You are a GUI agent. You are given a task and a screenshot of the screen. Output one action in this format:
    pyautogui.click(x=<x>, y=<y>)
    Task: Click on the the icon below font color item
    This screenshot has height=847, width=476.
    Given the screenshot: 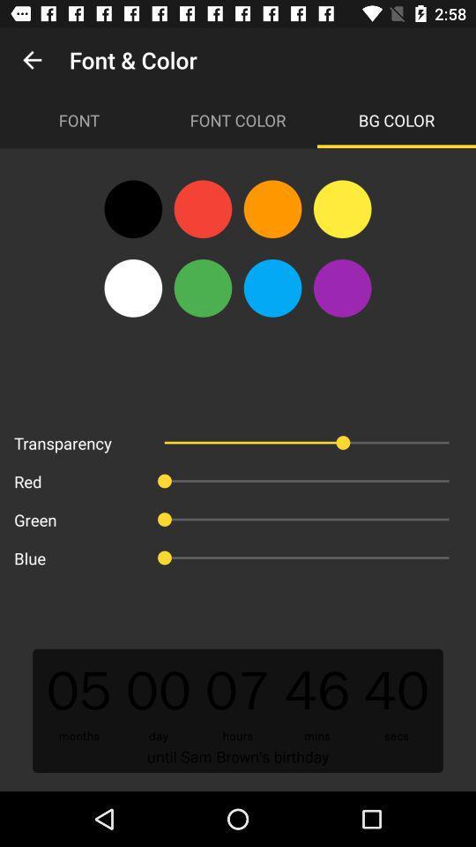 What is the action you would take?
    pyautogui.click(x=342, y=209)
    